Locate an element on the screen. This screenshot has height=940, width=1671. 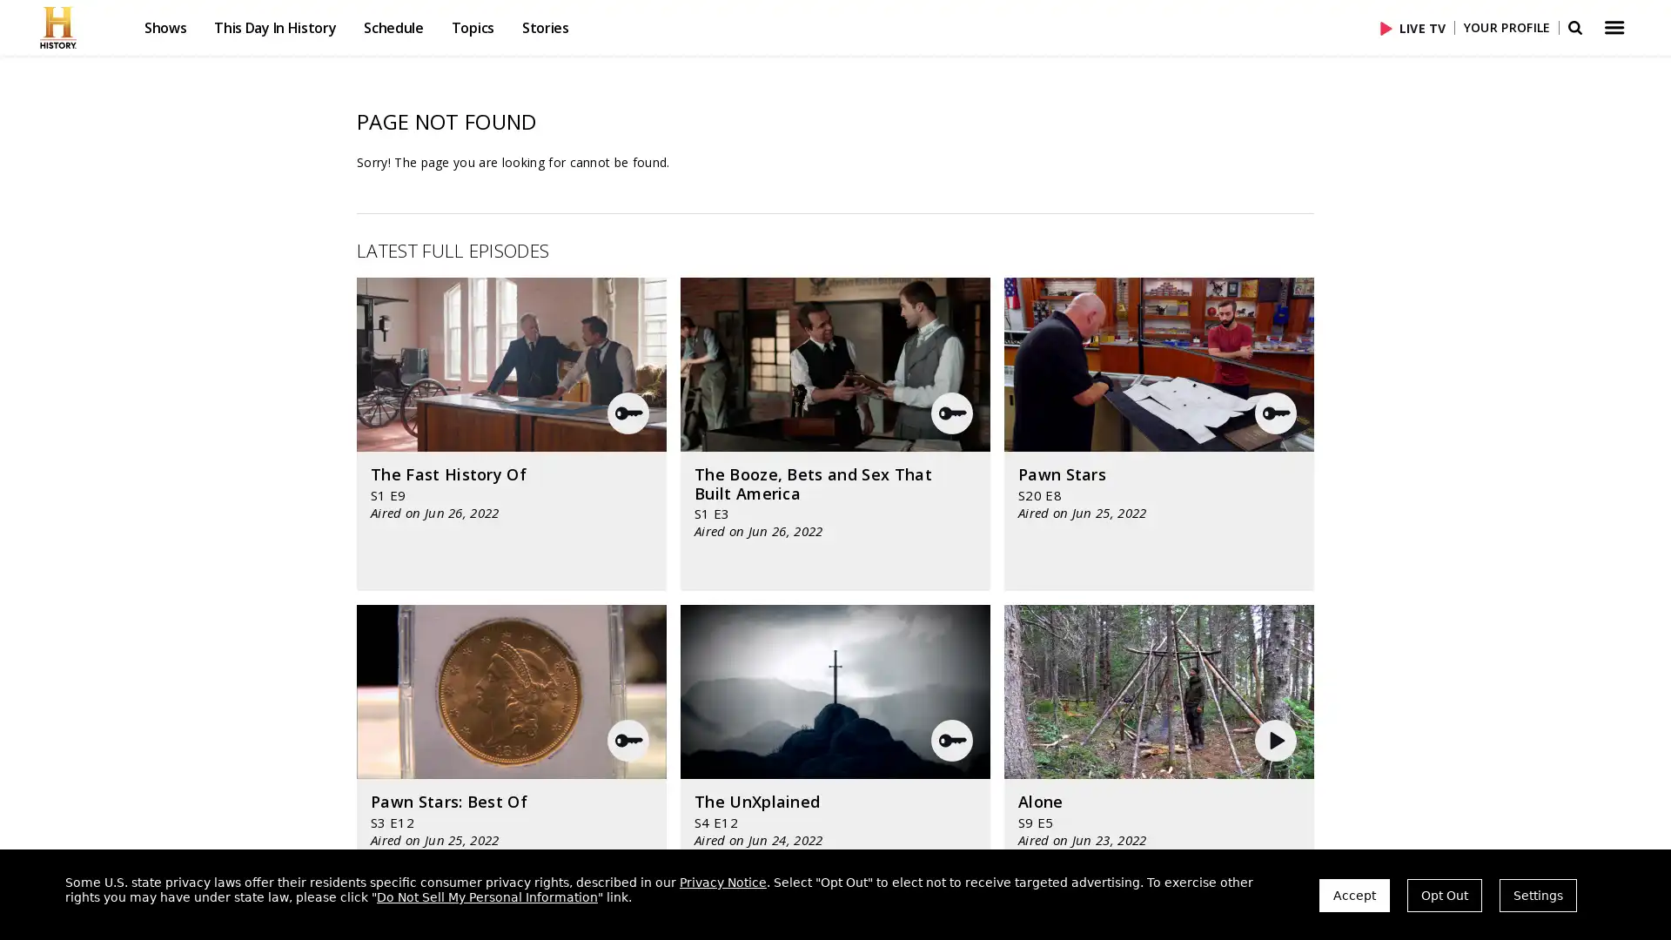
Q is located at coordinates (627, 741).